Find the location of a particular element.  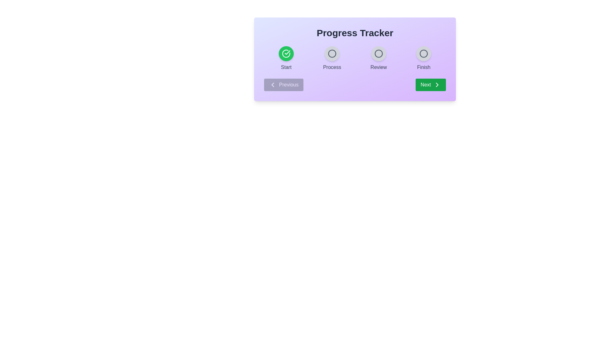

the Progress Tracker element that consists of four steps labeled 'Start', 'Process', 'Review', and 'Finish', with distinct circular indicators and a gradient background is located at coordinates (355, 59).